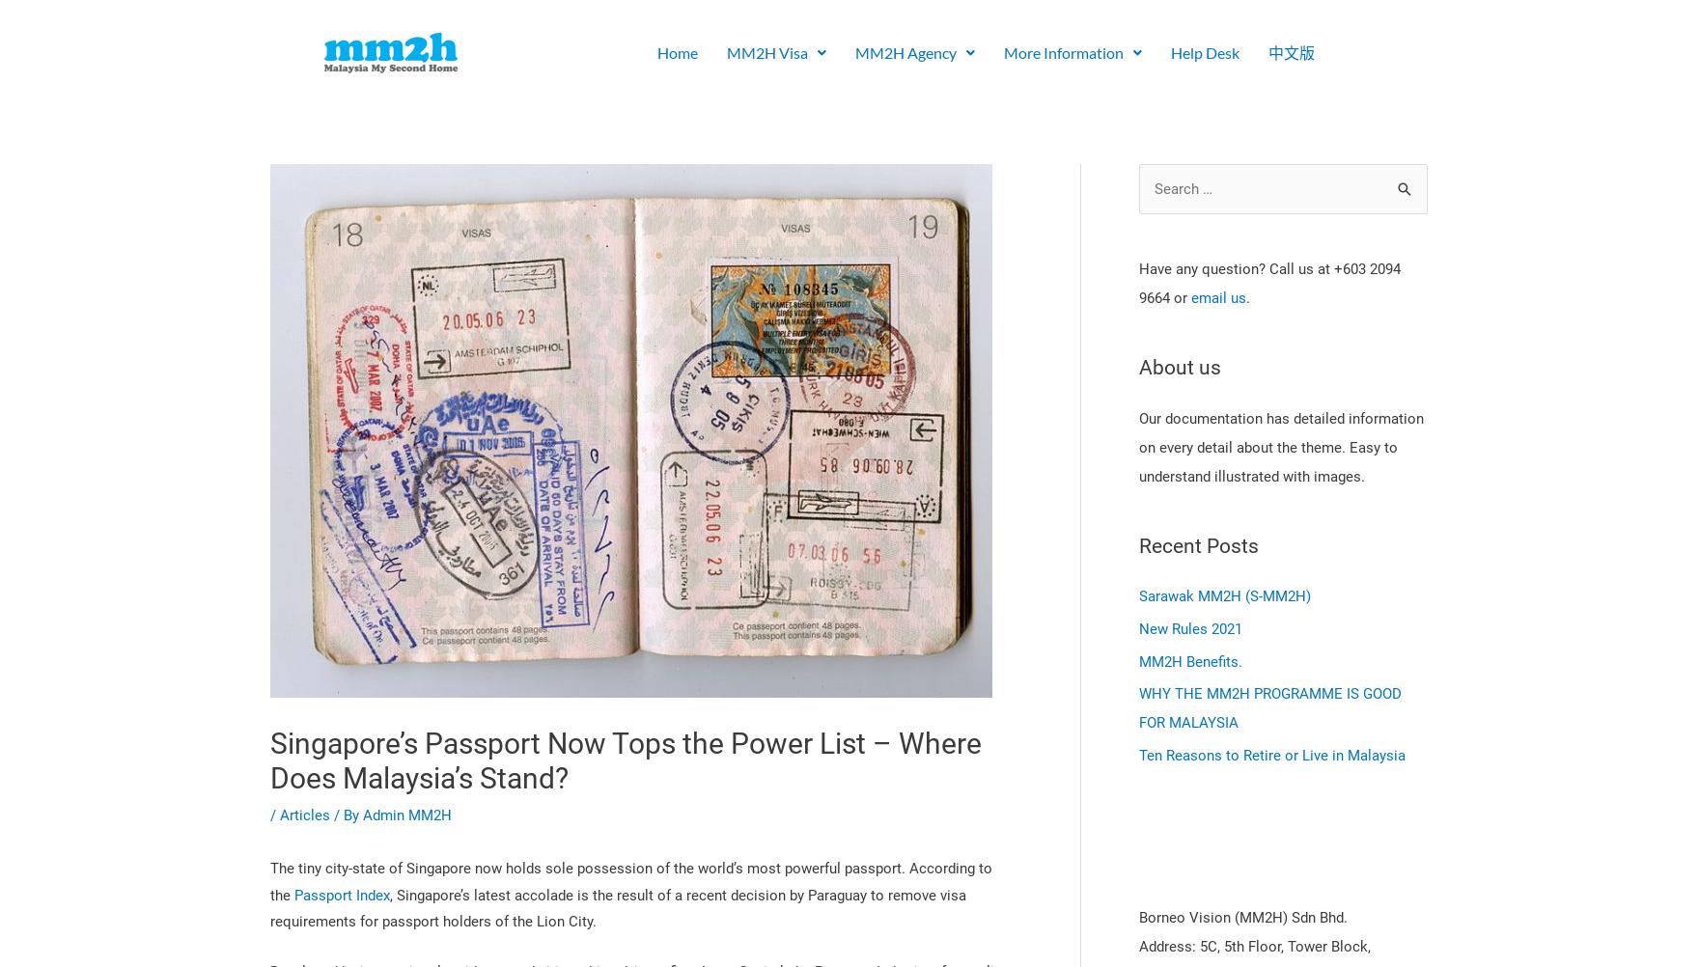 This screenshot has height=967, width=1699. I want to click on 'Borneo Vision (MM2H) Sdn Bhd.', so click(1241, 916).